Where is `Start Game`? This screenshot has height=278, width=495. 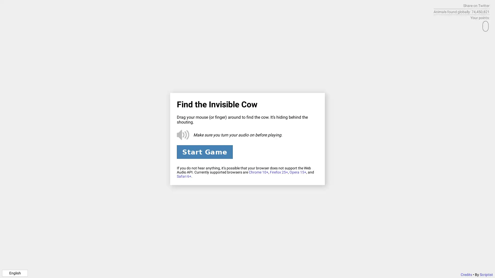 Start Game is located at coordinates (204, 152).